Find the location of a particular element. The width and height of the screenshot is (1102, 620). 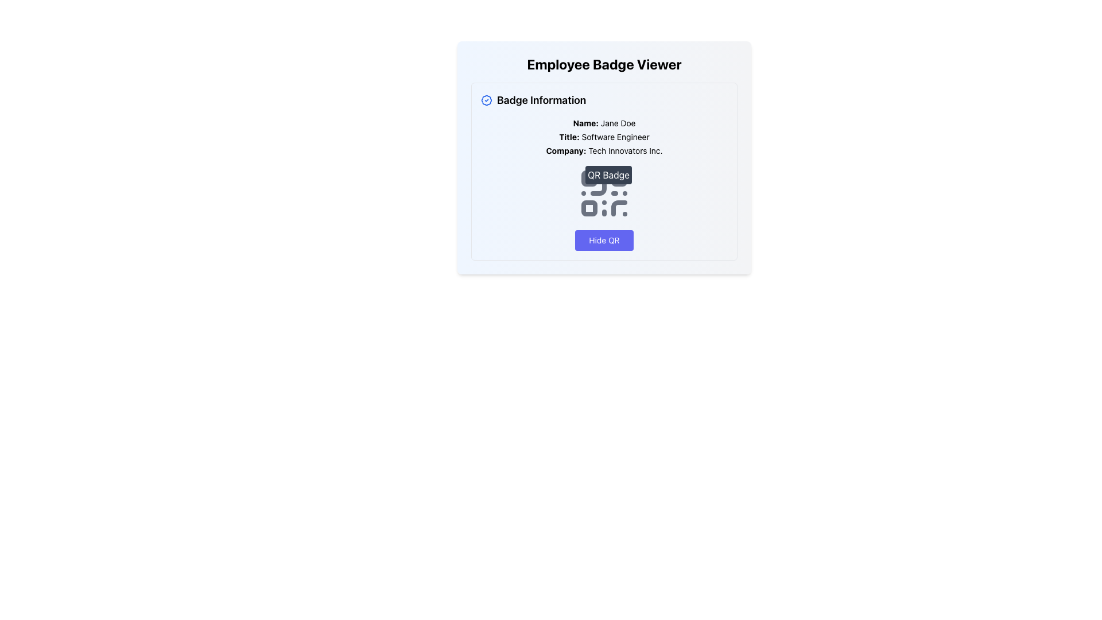

displayed name in the employee badge viewer, which is the first attribute under 'Badge Information' is located at coordinates (603, 123).